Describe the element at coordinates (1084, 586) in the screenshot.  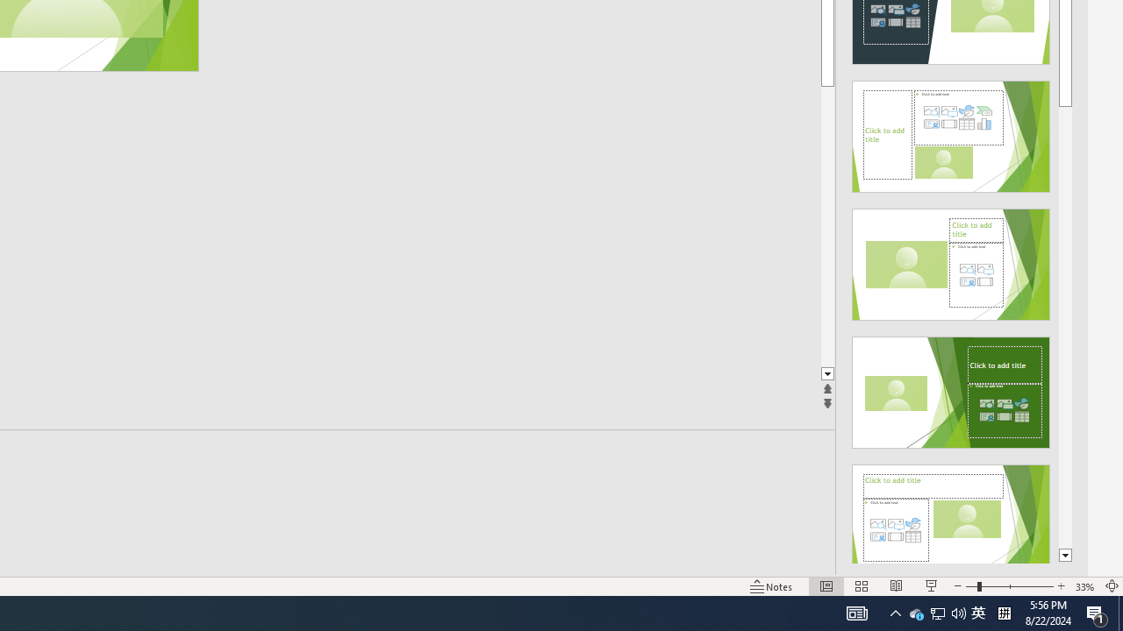
I see `'Zoom 33%'` at that location.